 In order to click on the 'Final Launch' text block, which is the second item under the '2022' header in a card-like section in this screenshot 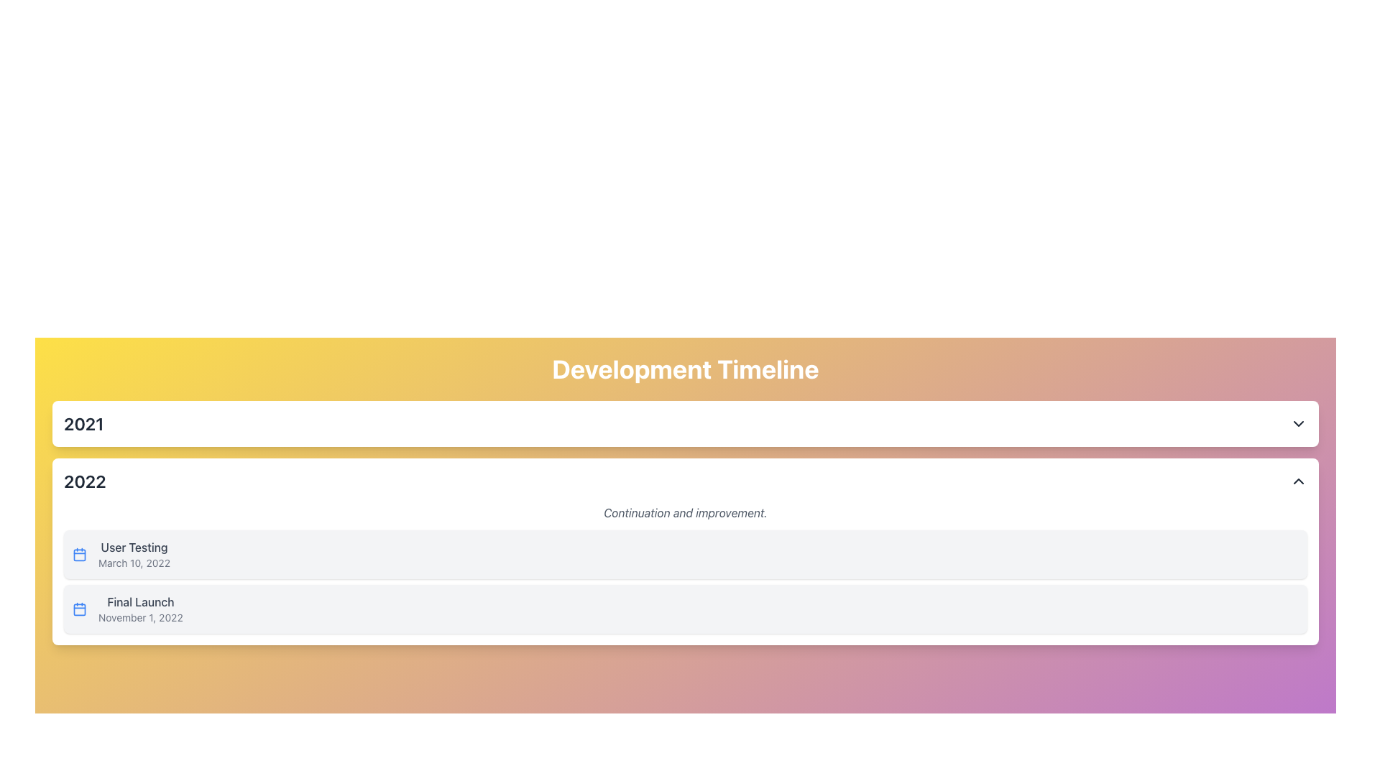, I will do `click(140, 609)`.